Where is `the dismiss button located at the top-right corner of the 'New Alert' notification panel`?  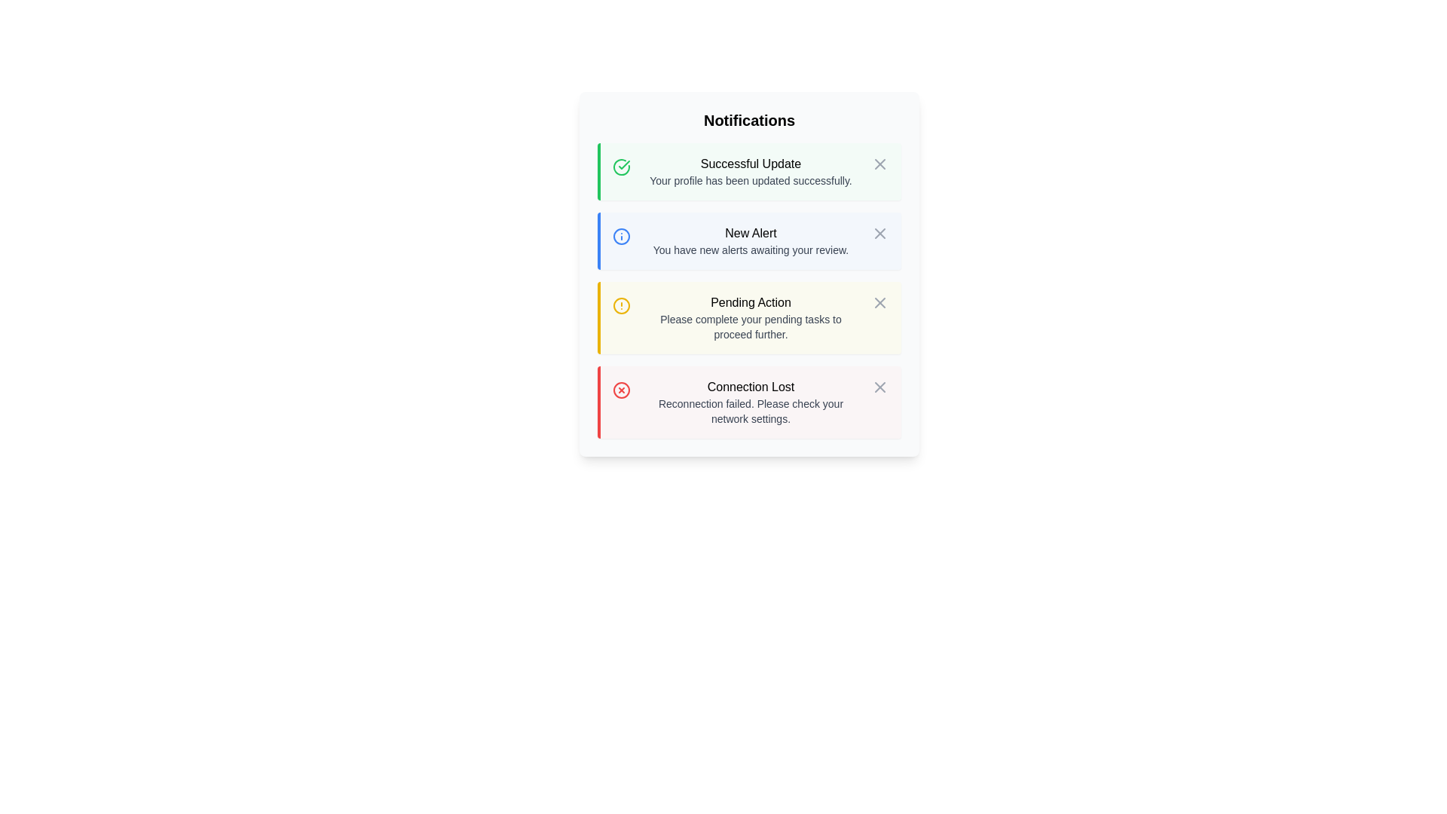 the dismiss button located at the top-right corner of the 'New Alert' notification panel is located at coordinates (880, 233).